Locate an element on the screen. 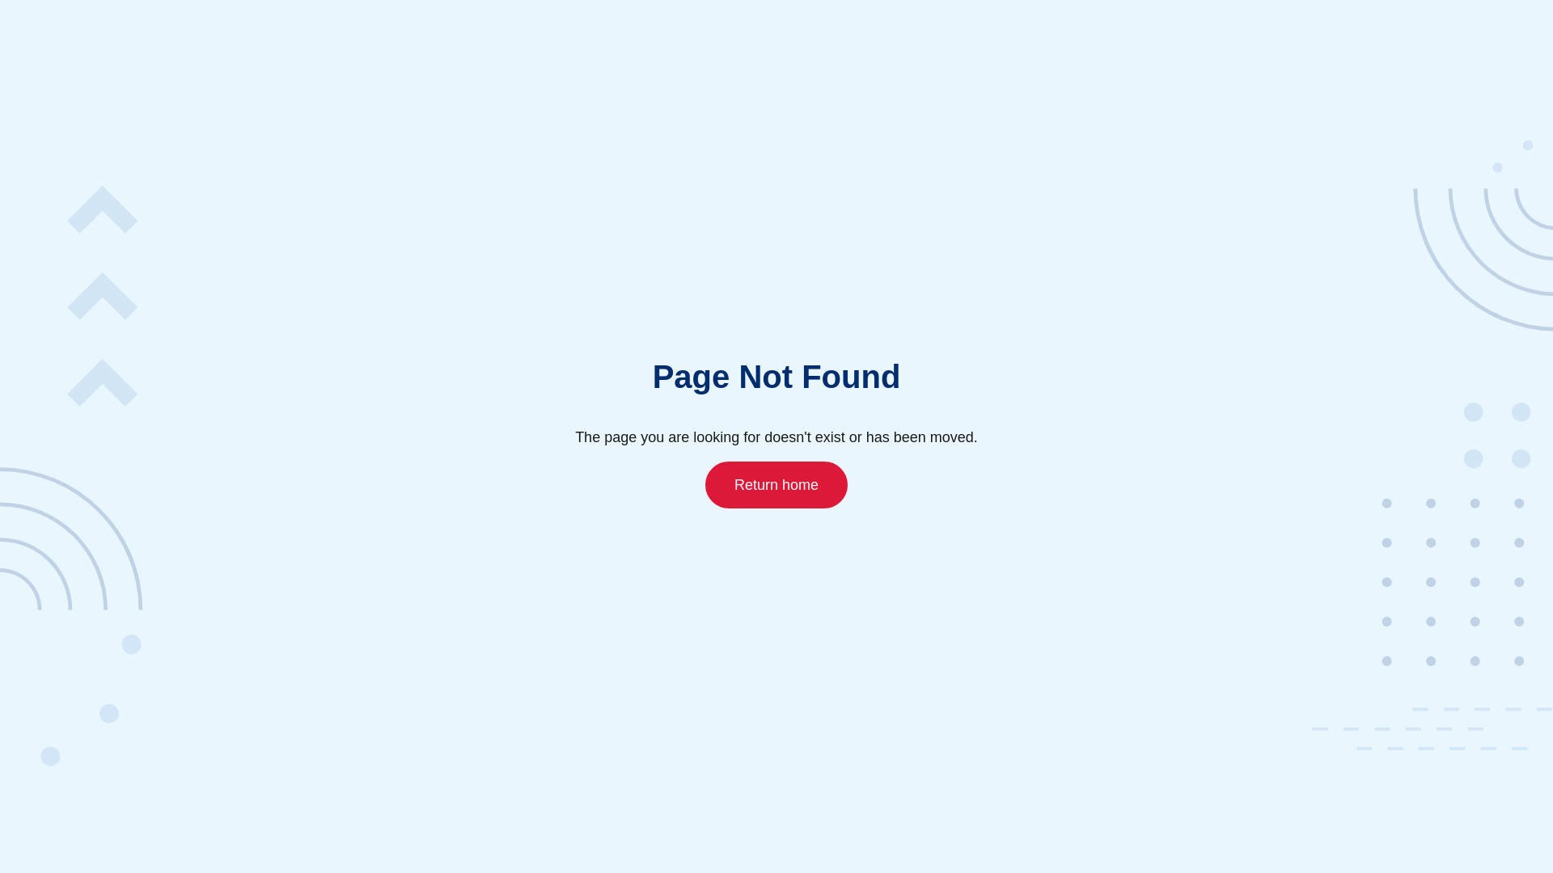 The height and width of the screenshot is (873, 1553). 'Return home' is located at coordinates (776, 483).